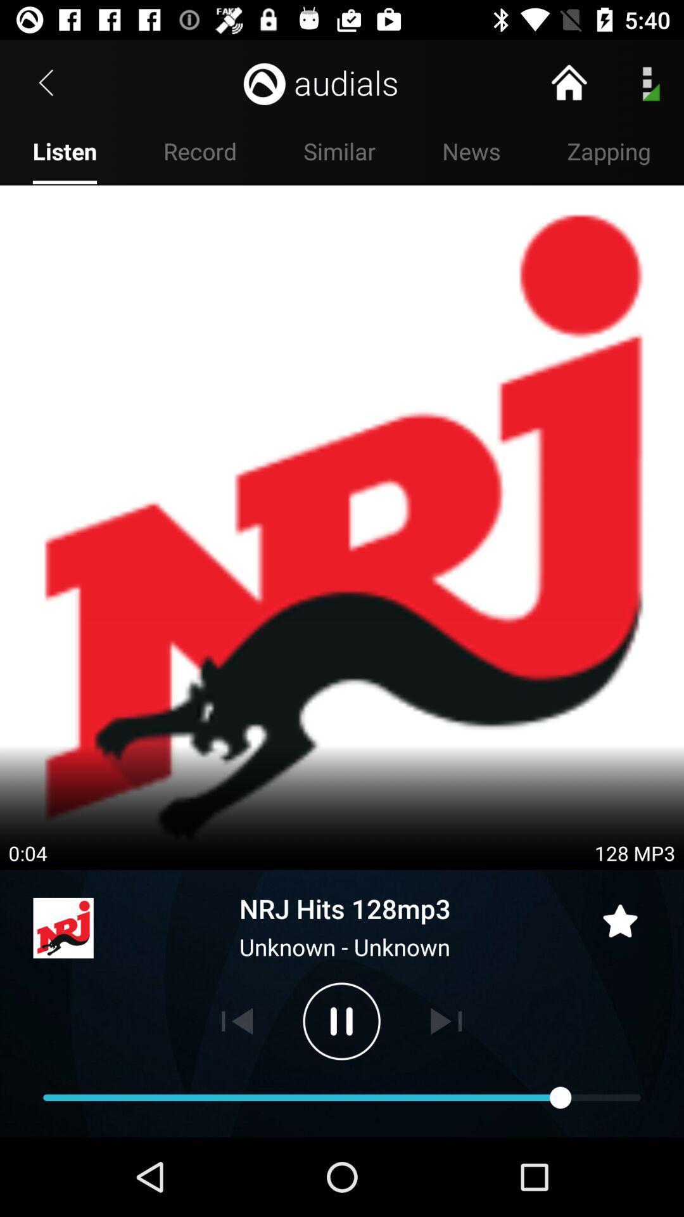 The image size is (684, 1217). Describe the element at coordinates (341, 1021) in the screenshot. I see `the pause icon` at that location.